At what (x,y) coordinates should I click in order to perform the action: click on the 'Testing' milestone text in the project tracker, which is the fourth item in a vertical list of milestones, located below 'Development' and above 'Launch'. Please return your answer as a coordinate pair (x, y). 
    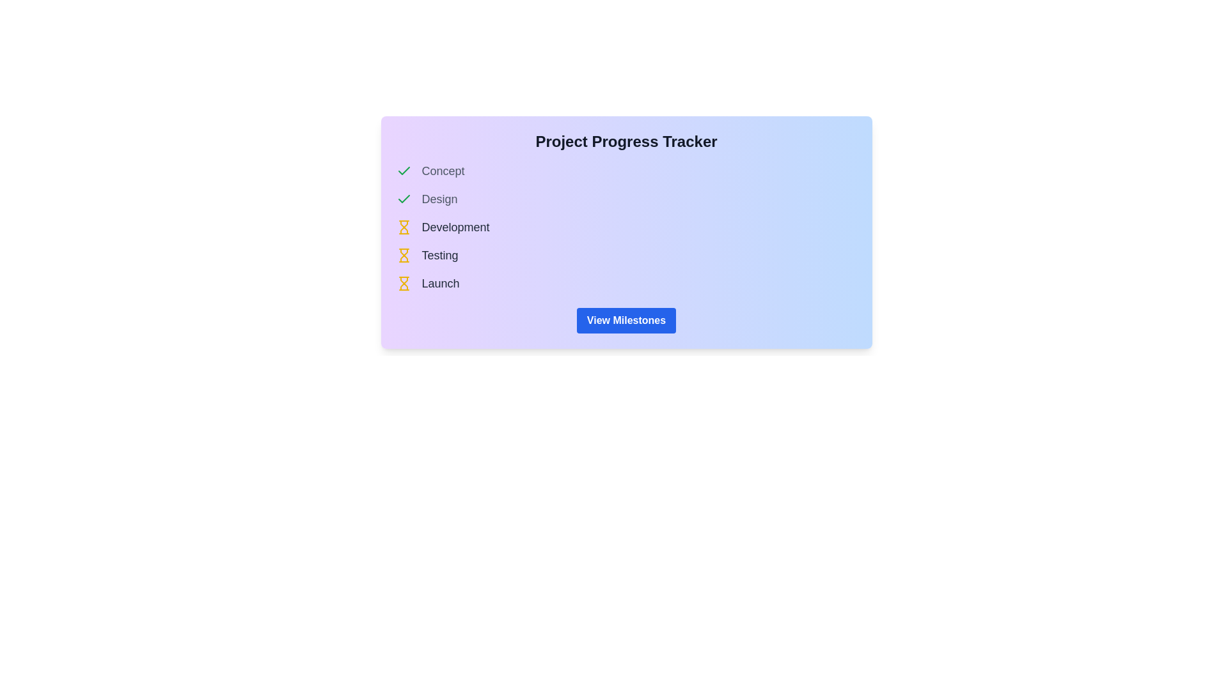
    Looking at the image, I should click on (439, 256).